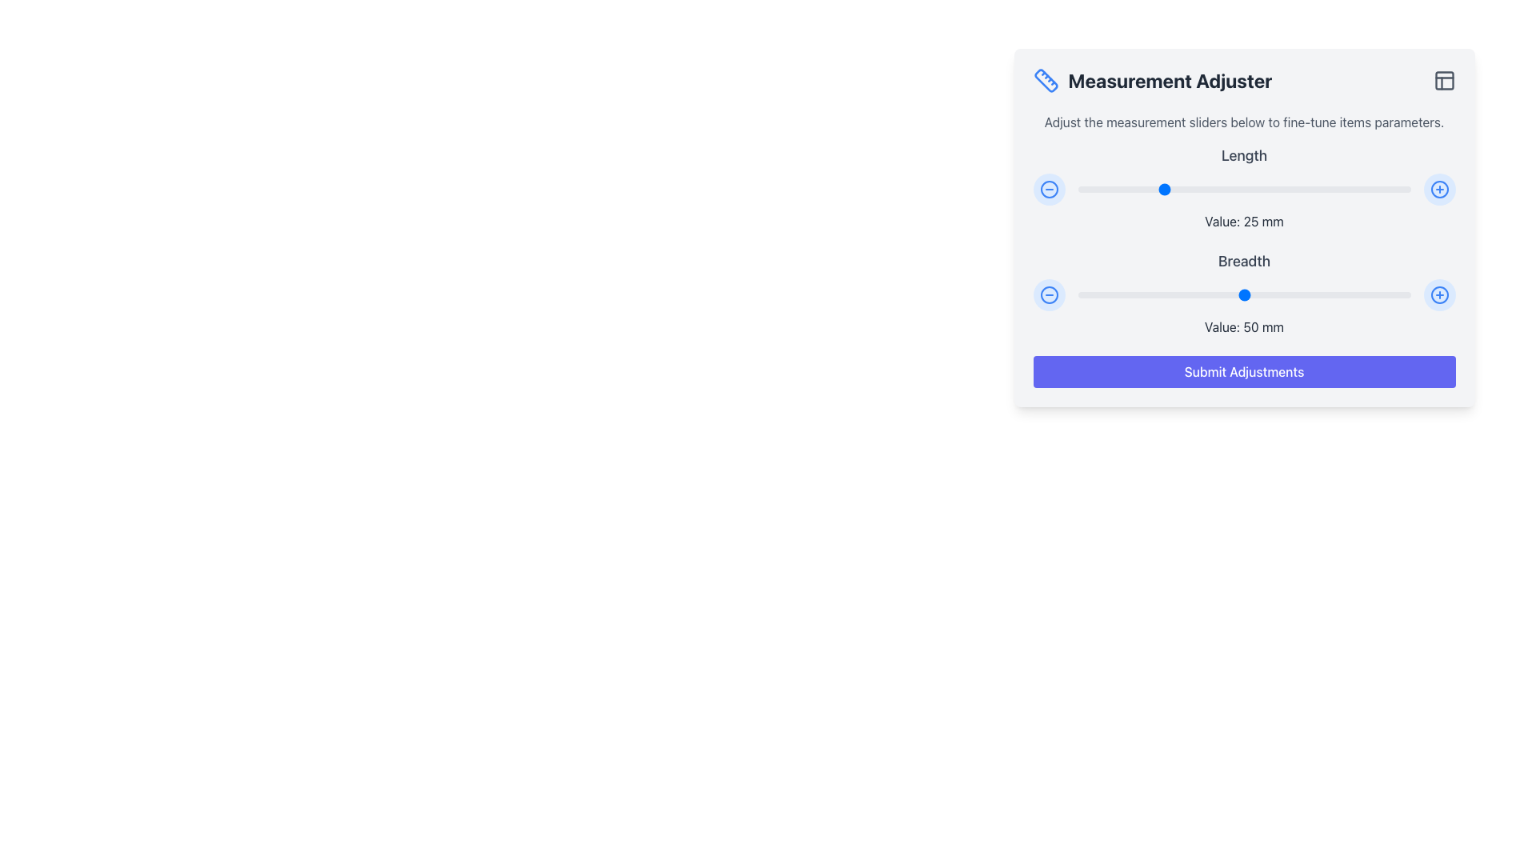 The height and width of the screenshot is (864, 1536). Describe the element at coordinates (1150, 295) in the screenshot. I see `the breadth` at that location.